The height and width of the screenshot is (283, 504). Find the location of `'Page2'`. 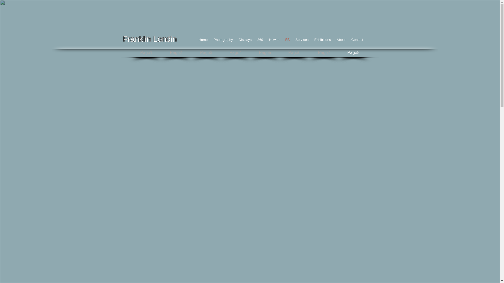

'Page2' is located at coordinates (176, 53).